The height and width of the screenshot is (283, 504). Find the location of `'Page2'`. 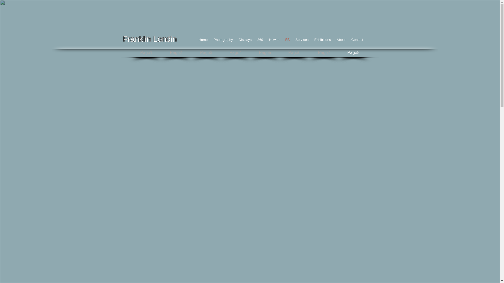

'Page2' is located at coordinates (176, 53).